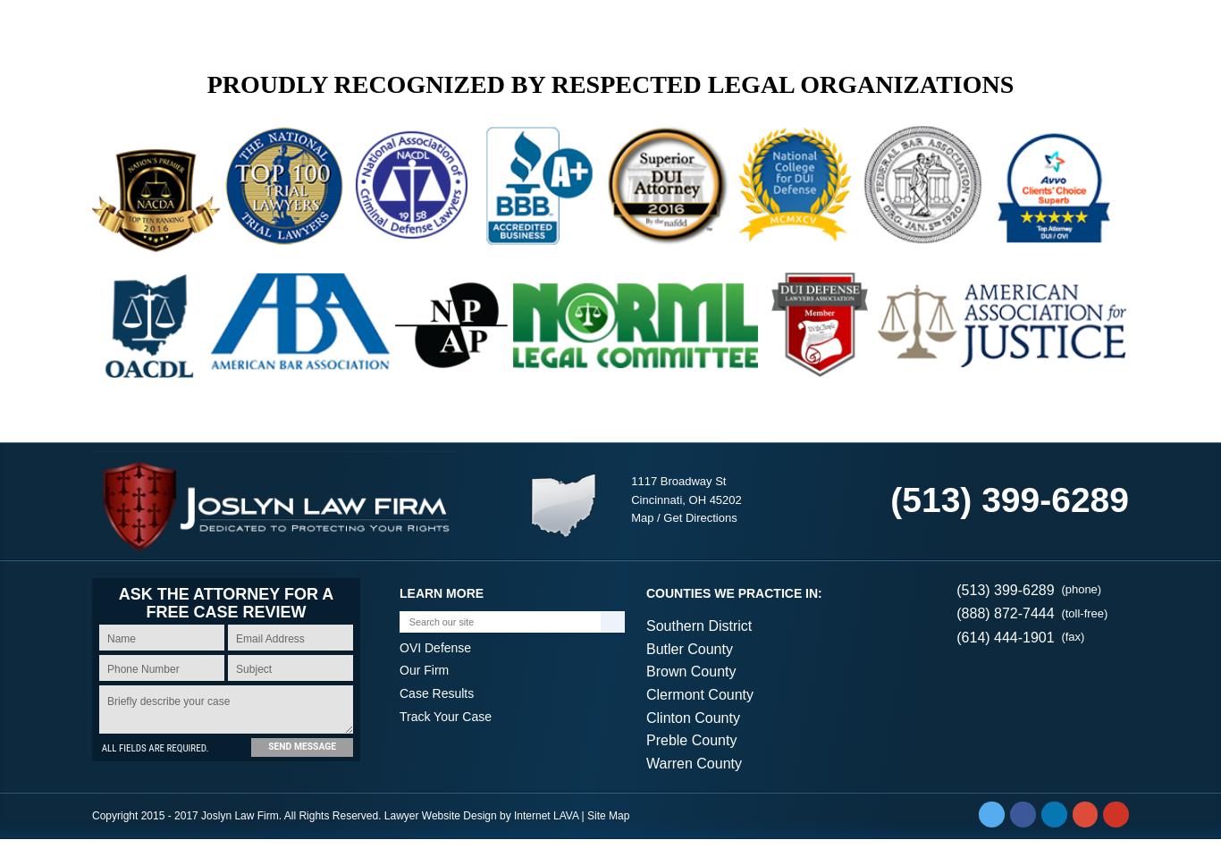 This screenshot has height=848, width=1221. I want to click on 'National Trial Lawyers Association Top 100', so click(609, 410).